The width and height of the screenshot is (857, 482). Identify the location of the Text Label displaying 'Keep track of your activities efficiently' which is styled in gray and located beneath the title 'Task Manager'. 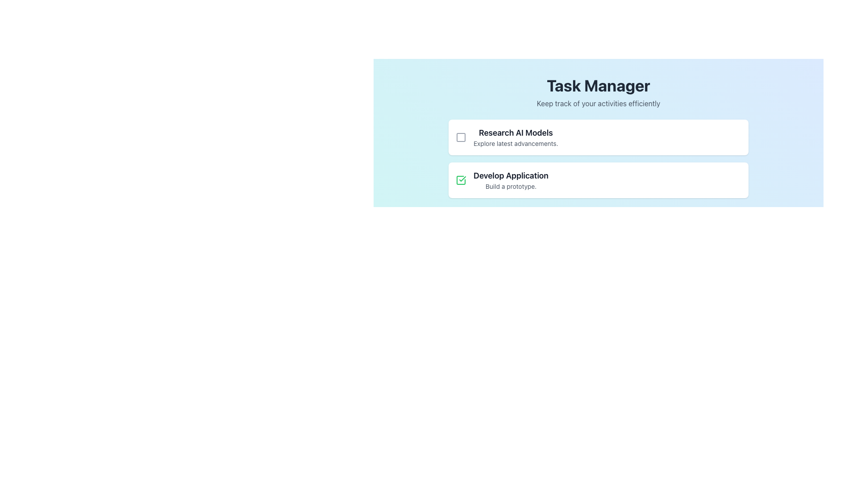
(598, 103).